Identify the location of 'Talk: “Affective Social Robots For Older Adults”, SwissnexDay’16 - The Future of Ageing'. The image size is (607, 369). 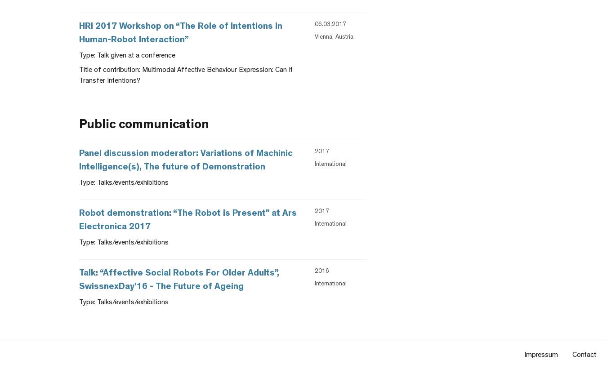
(179, 280).